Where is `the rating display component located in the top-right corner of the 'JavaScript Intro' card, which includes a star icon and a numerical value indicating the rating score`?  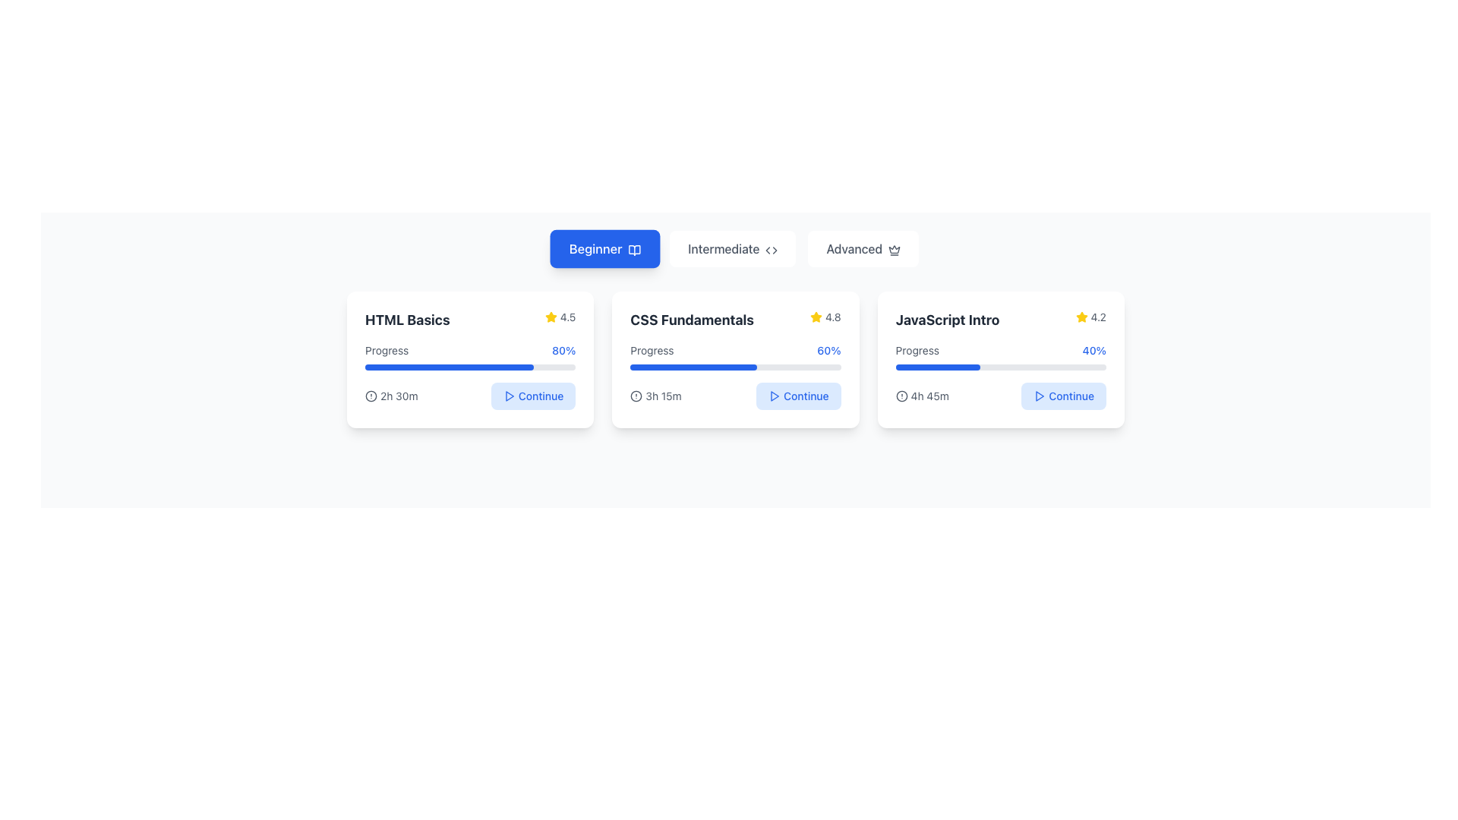
the rating display component located in the top-right corner of the 'JavaScript Intro' card, which includes a star icon and a numerical value indicating the rating score is located at coordinates (1090, 316).